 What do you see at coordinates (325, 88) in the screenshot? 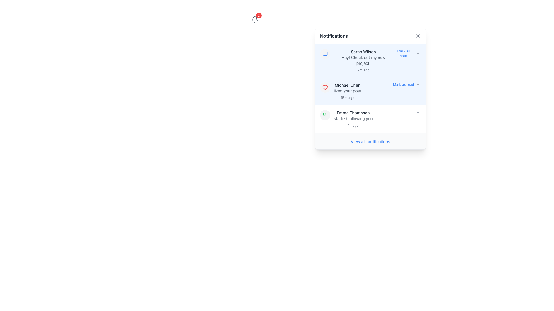
I see `the 'like' or 'favorite' icon, which is styled as a circular button with a light gray background and located near the top-right corner of the interface` at bounding box center [325, 88].